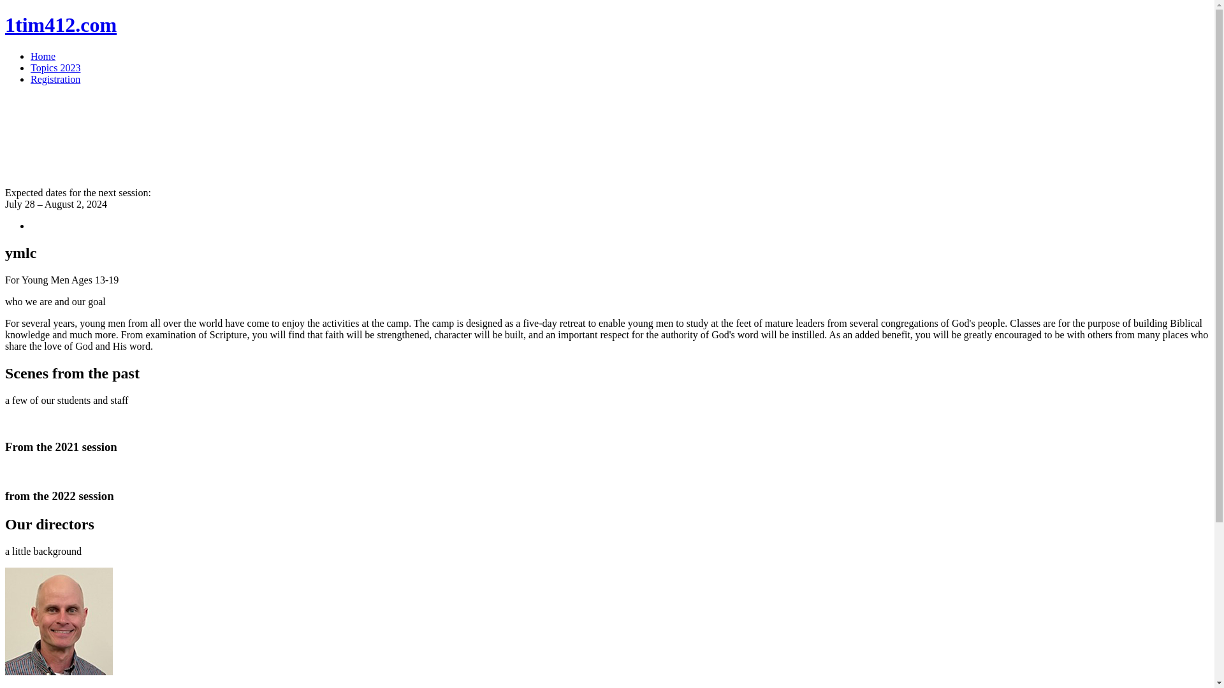  What do you see at coordinates (60, 24) in the screenshot?
I see `'1tim412.com'` at bounding box center [60, 24].